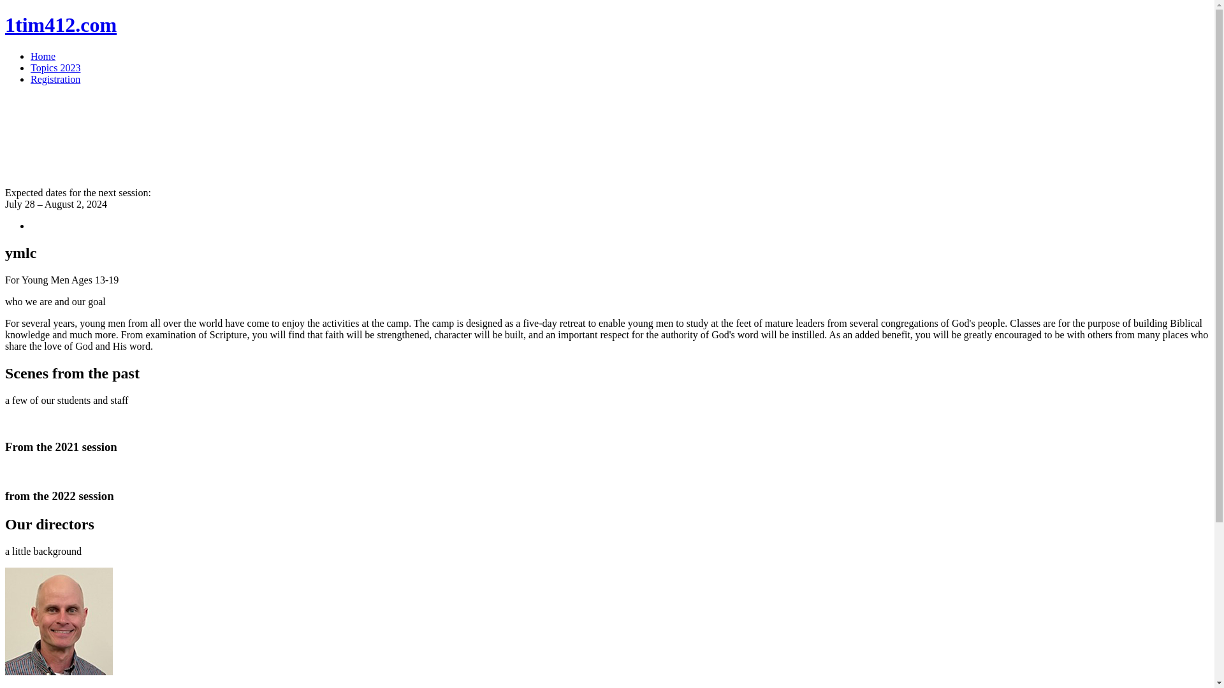  What do you see at coordinates (60, 24) in the screenshot?
I see `'1tim412.com'` at bounding box center [60, 24].